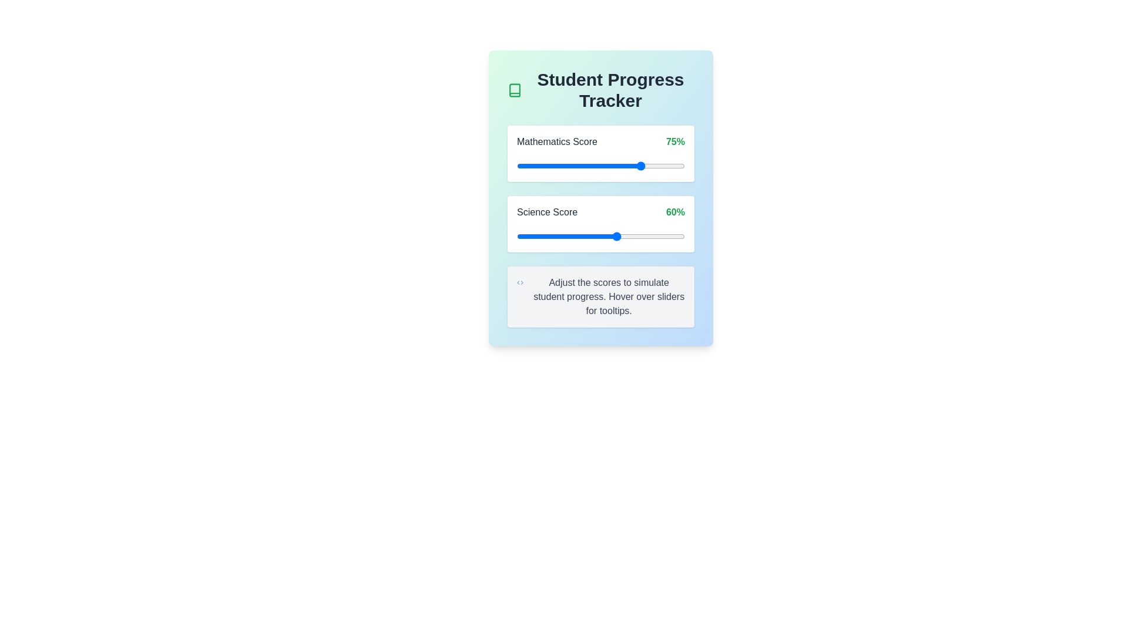 The width and height of the screenshot is (1128, 634). Describe the element at coordinates (617, 236) in the screenshot. I see `the Science Score slider to 60%` at that location.